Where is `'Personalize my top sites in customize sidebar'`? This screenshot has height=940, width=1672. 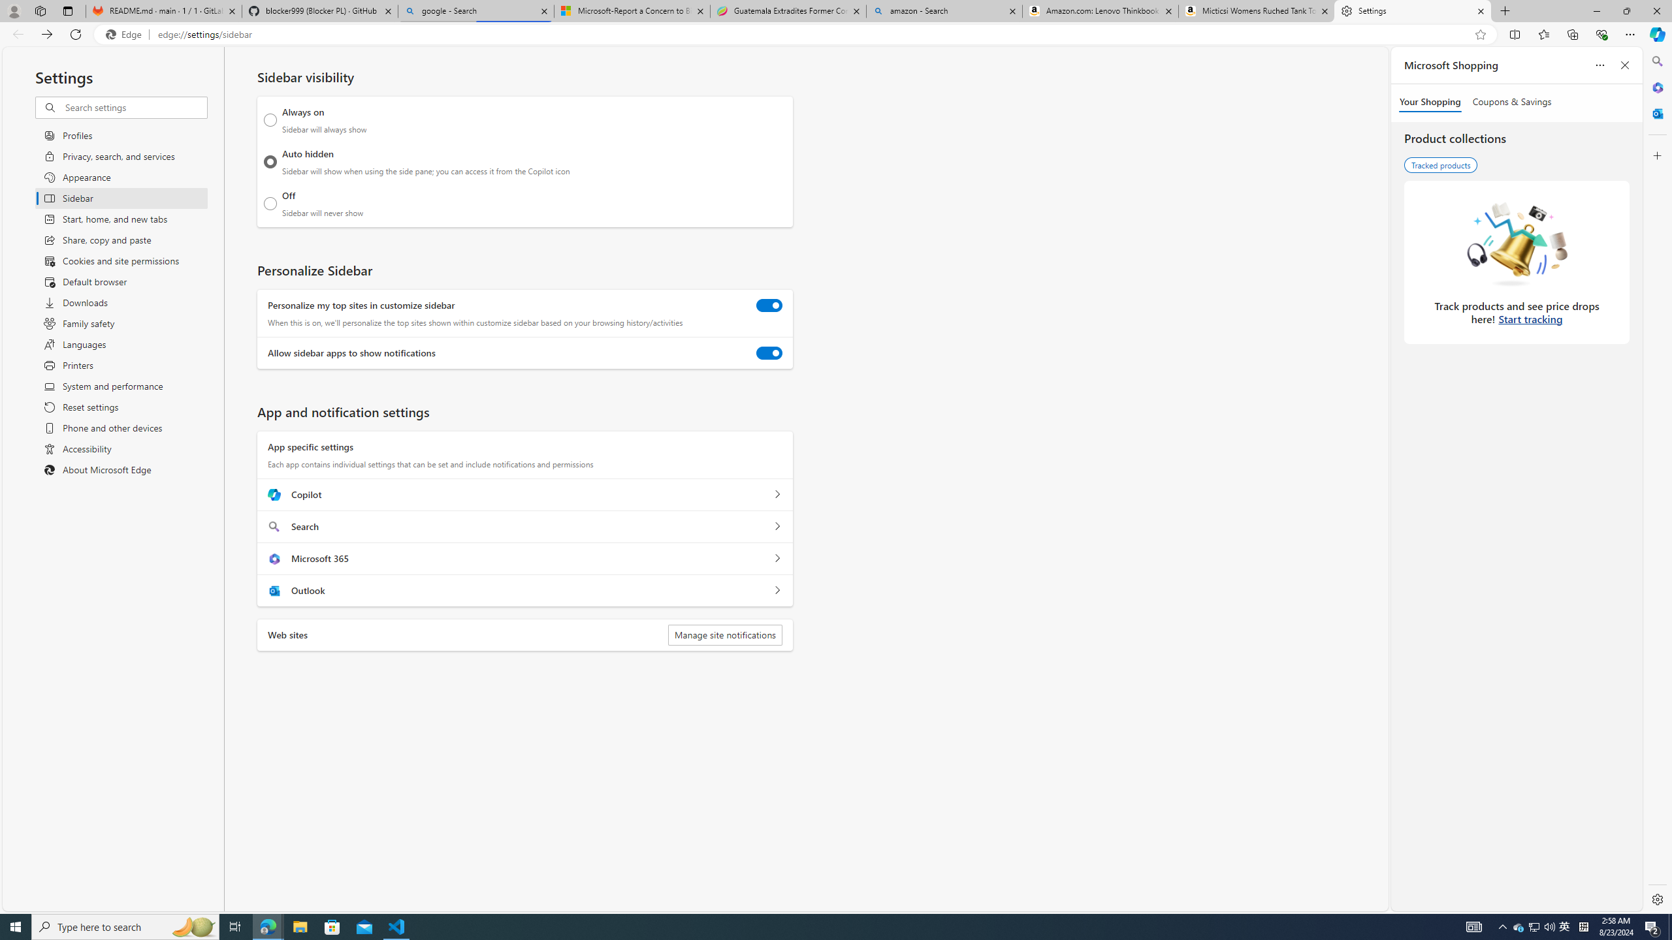 'Personalize my top sites in customize sidebar' is located at coordinates (769, 305).